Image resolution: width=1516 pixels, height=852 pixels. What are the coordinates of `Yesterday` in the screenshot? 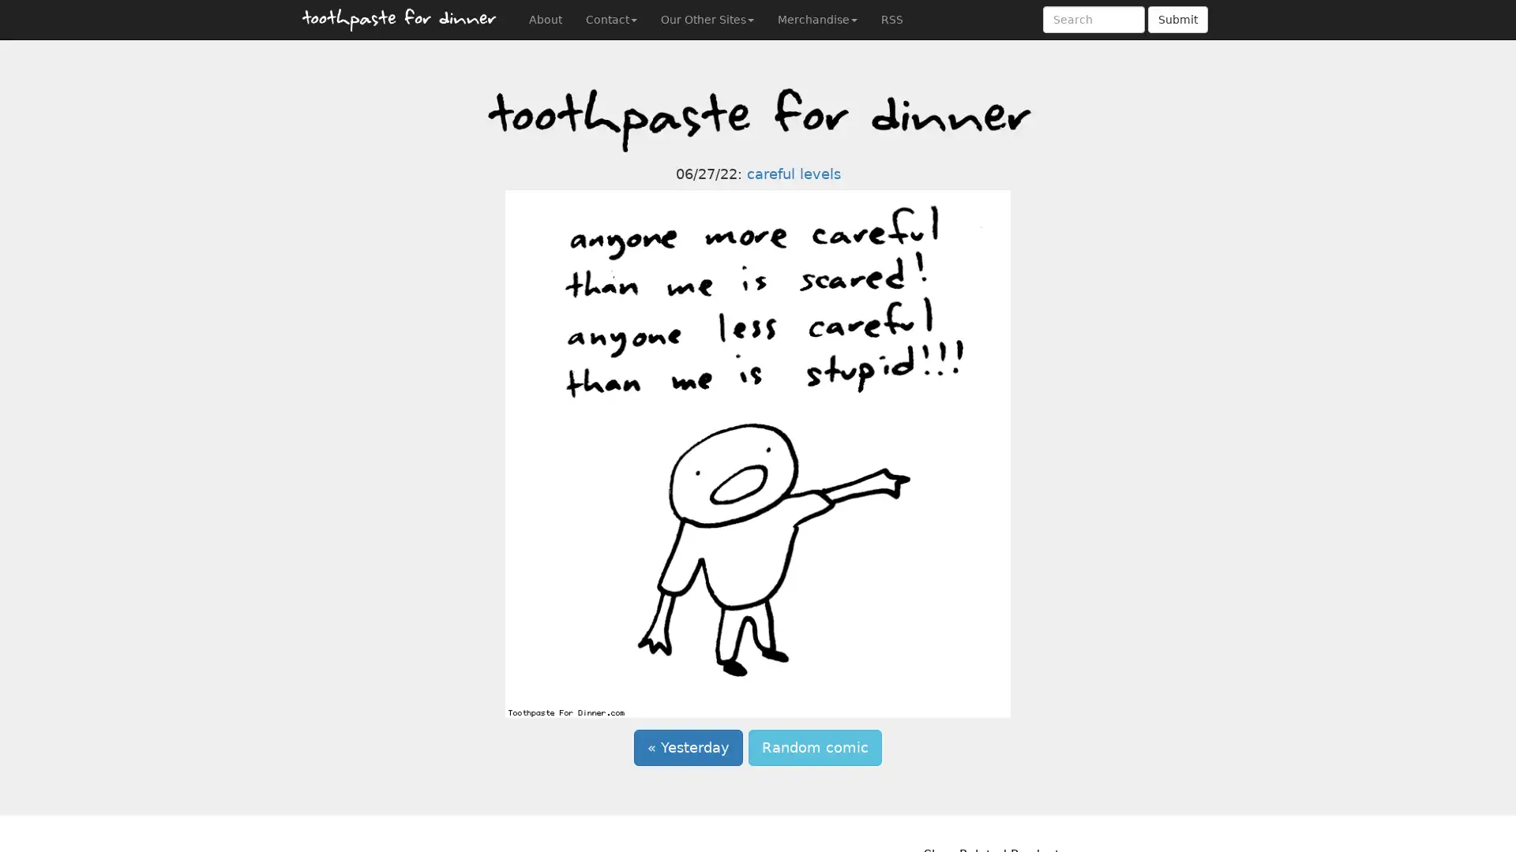 It's located at (689, 747).